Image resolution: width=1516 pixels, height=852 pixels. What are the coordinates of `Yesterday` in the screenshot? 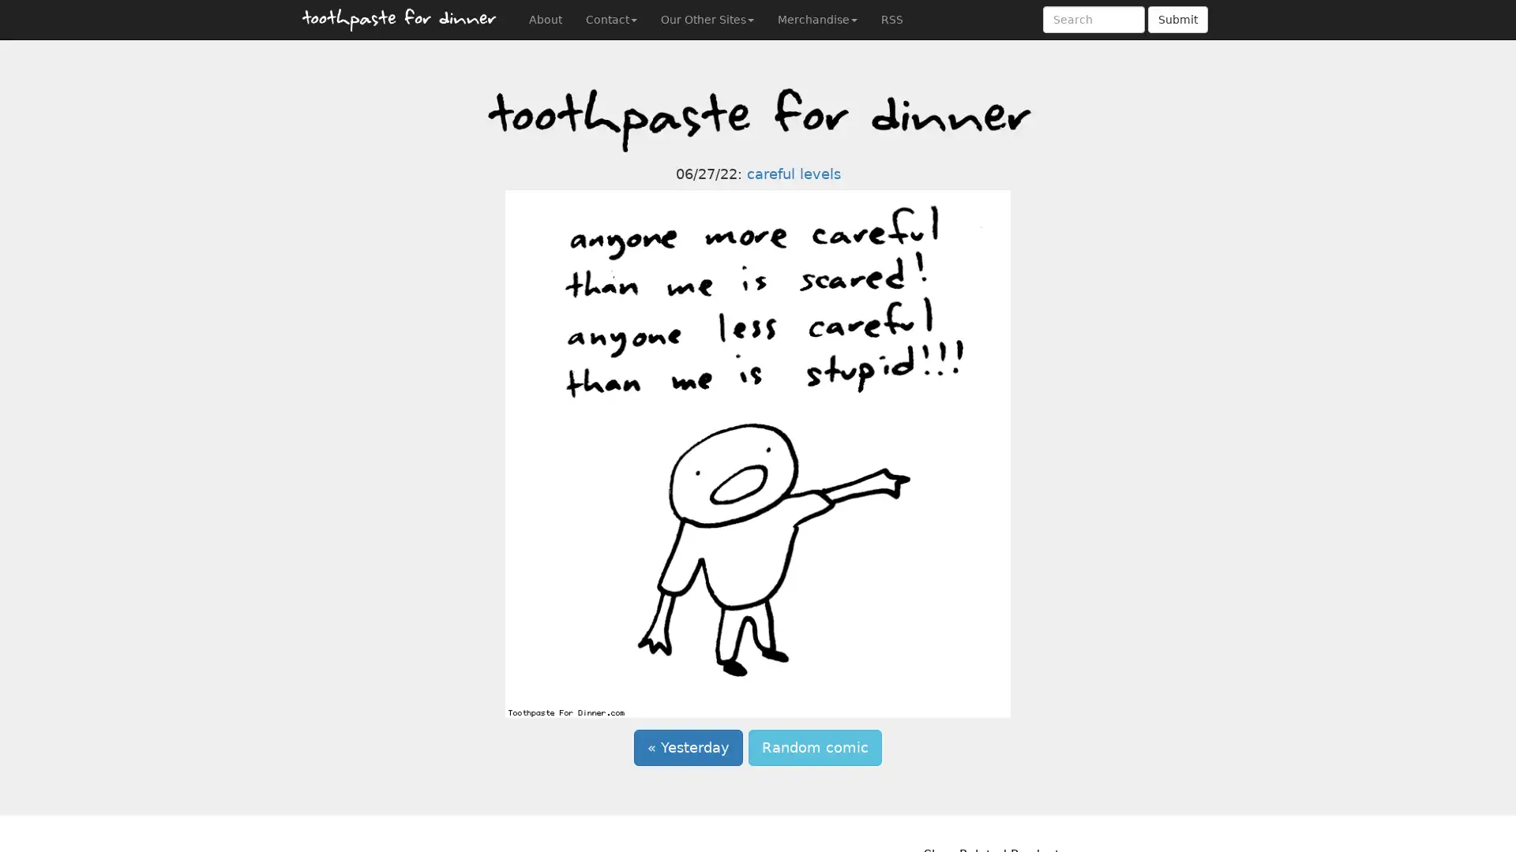 It's located at (689, 747).